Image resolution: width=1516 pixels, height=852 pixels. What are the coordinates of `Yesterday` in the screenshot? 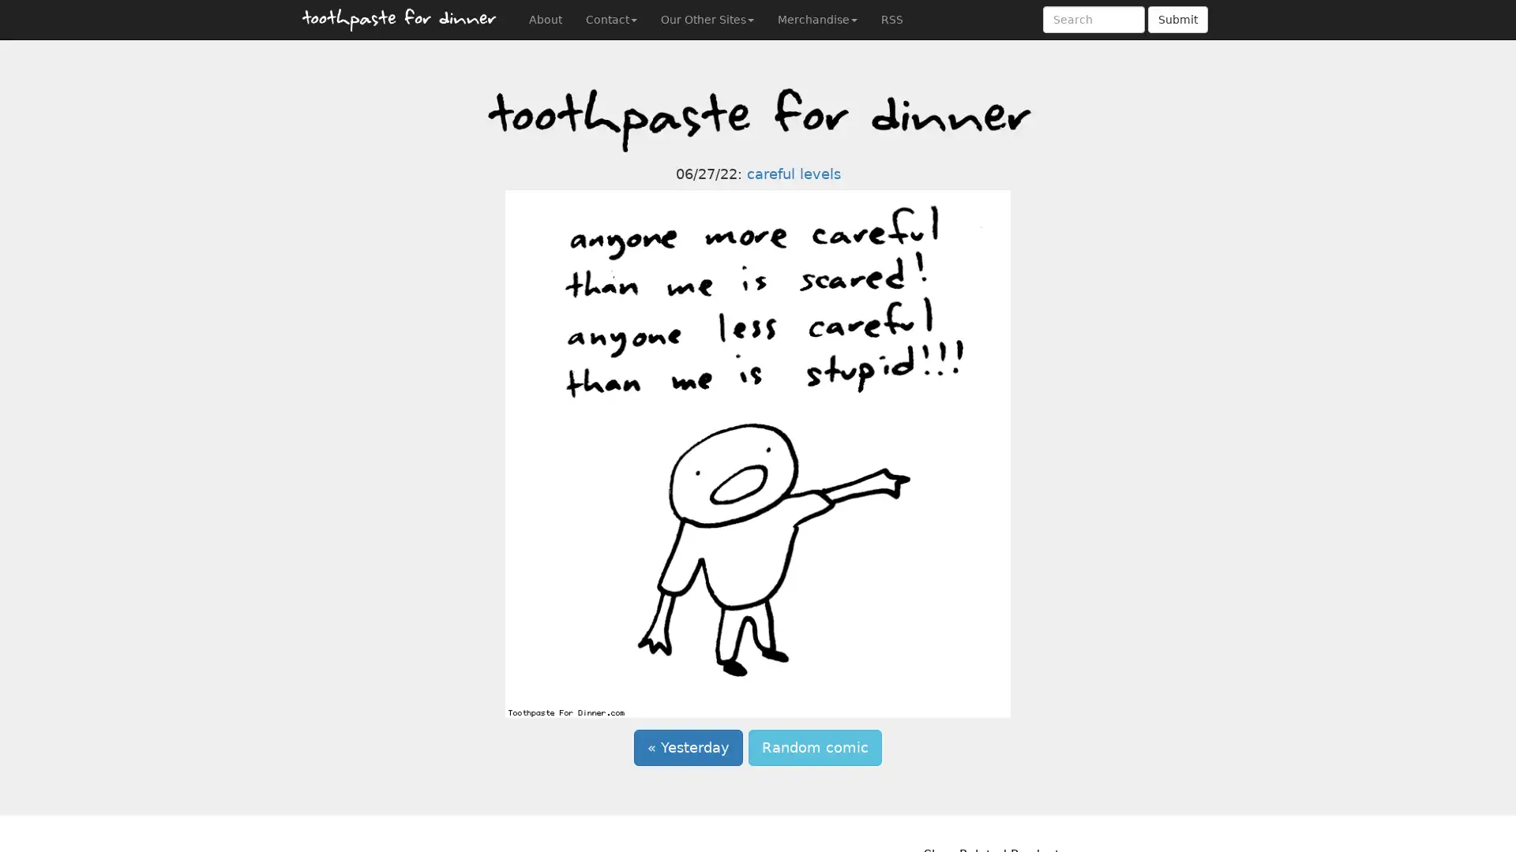 It's located at (689, 747).